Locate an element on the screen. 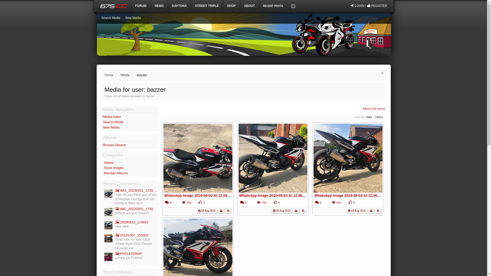 Image resolution: width=491 pixels, height=276 pixels. 'Media Index' is located at coordinates (111, 117).